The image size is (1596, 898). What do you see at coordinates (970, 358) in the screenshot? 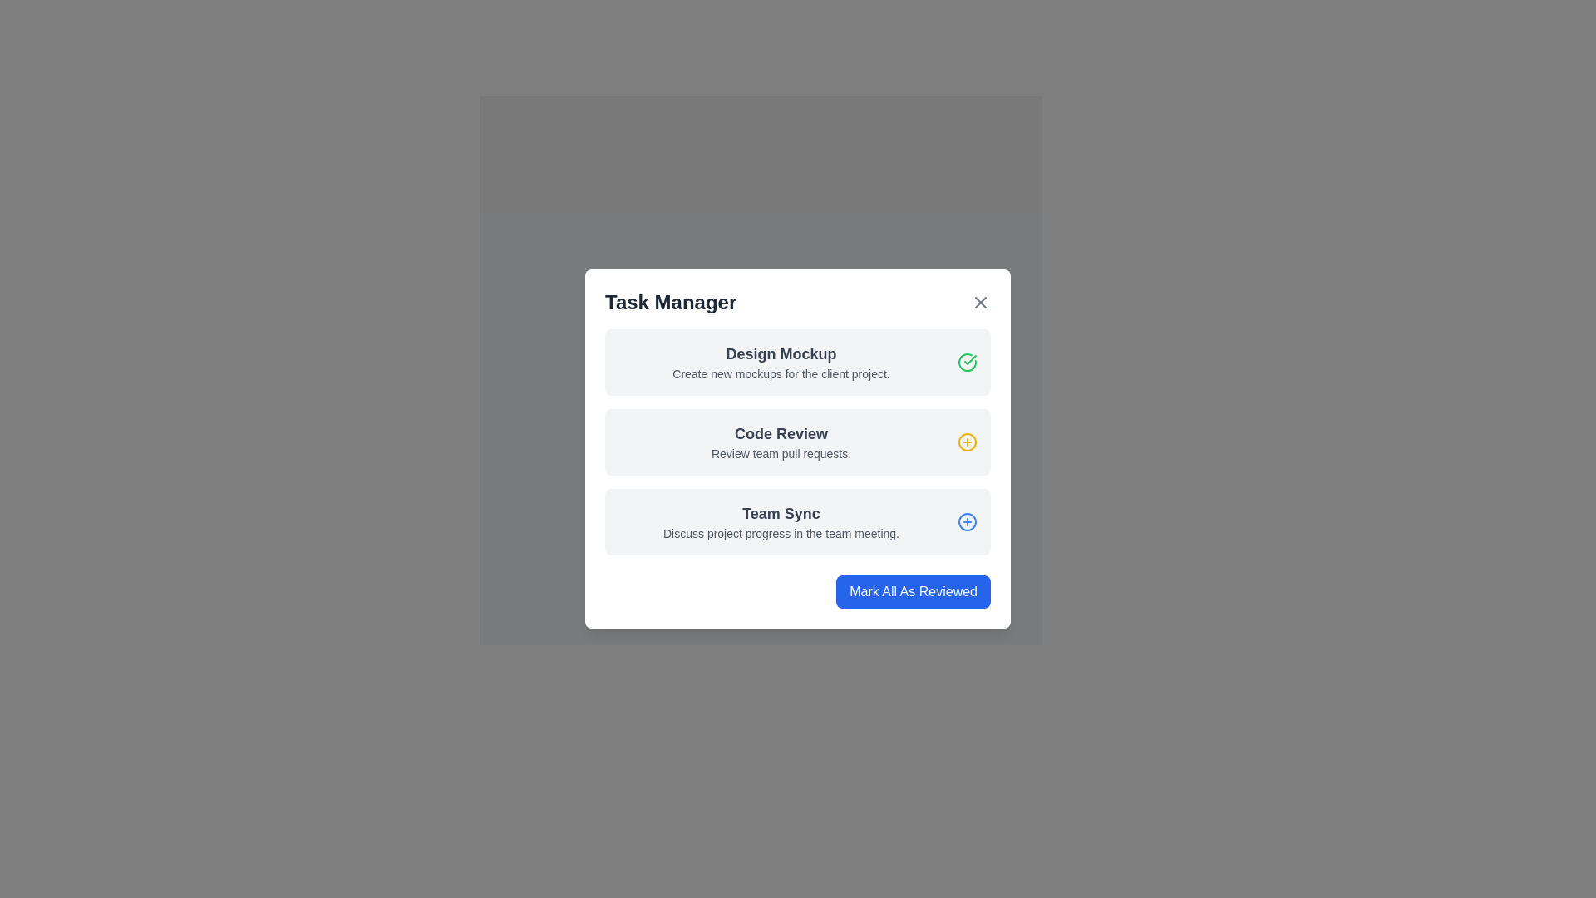
I see `the green checkmark icon located to the right of the 'Design Mockup' label in the 'Task Manager' interface, which indicates a completed task or successful action` at bounding box center [970, 358].